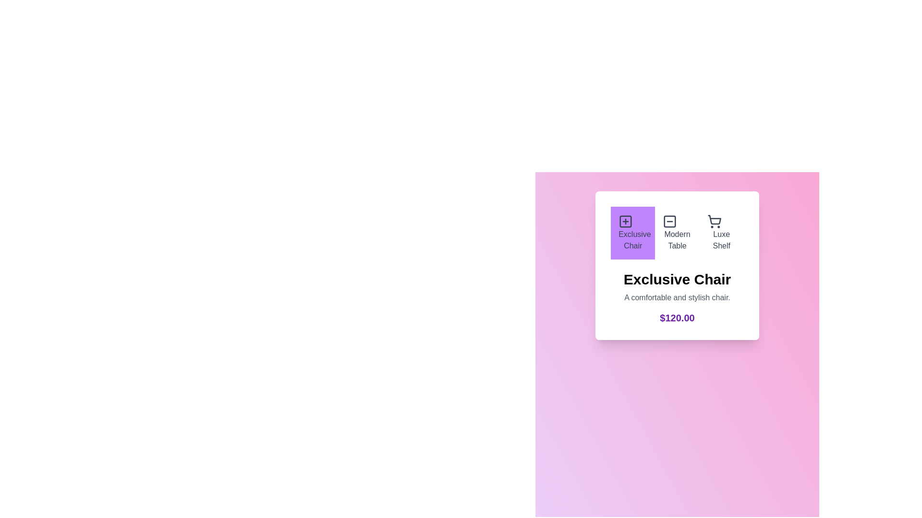  What do you see at coordinates (633, 233) in the screenshot?
I see `the button corresponding to the product Exclusive Chair` at bounding box center [633, 233].